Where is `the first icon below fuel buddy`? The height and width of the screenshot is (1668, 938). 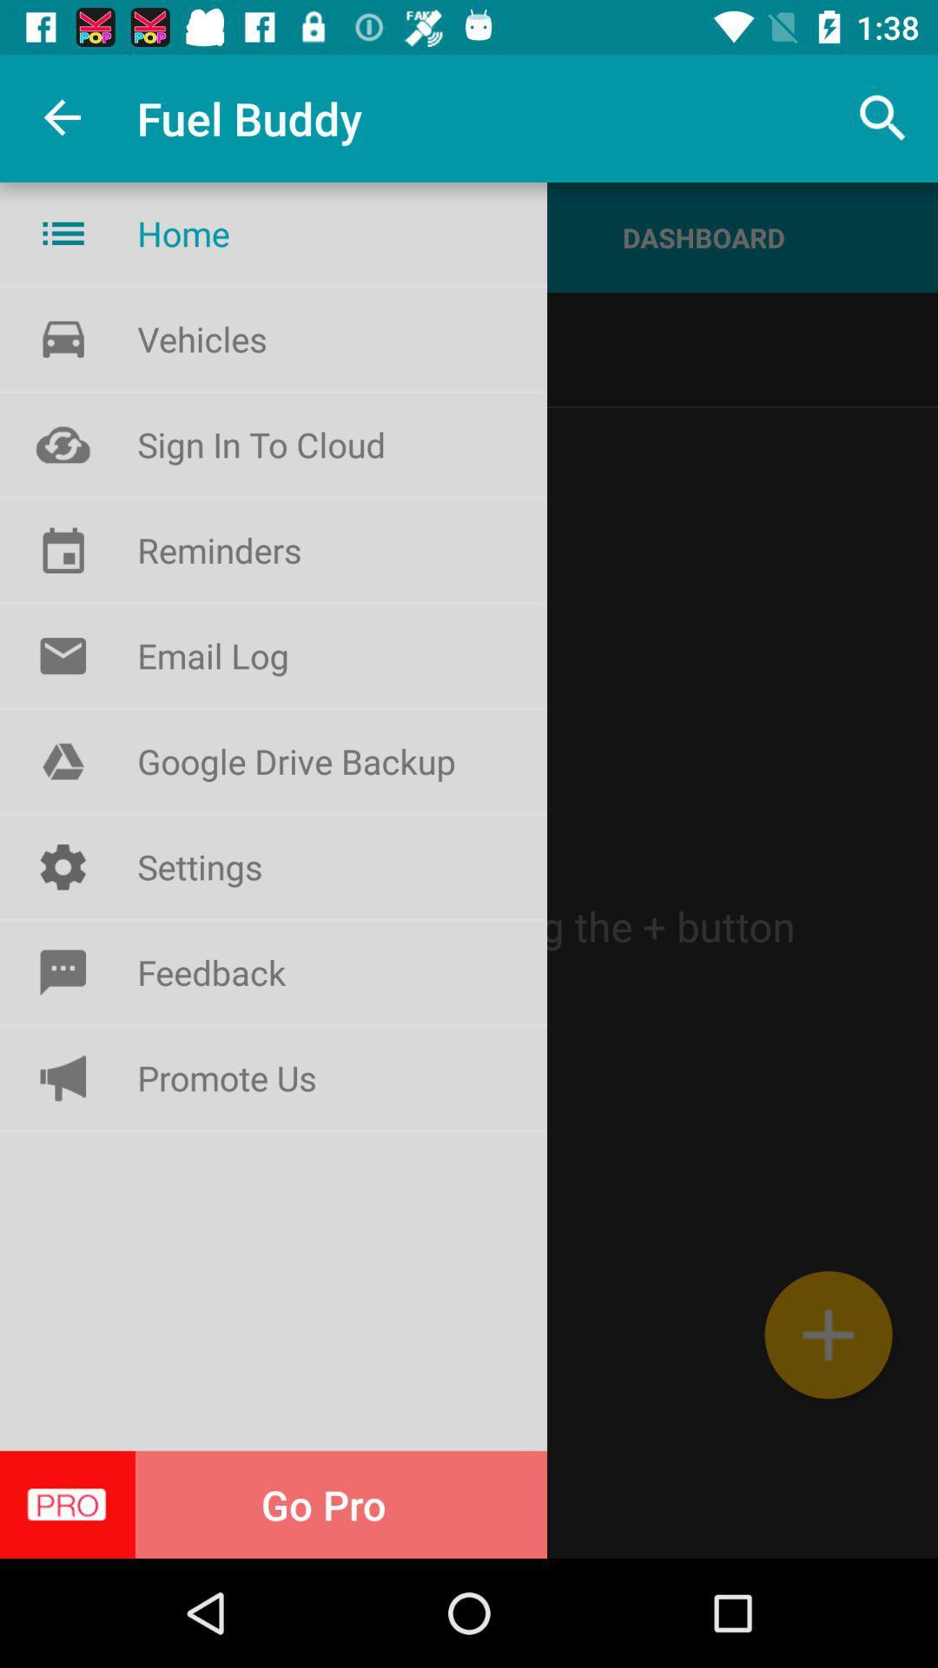 the first icon below fuel buddy is located at coordinates (63, 232).